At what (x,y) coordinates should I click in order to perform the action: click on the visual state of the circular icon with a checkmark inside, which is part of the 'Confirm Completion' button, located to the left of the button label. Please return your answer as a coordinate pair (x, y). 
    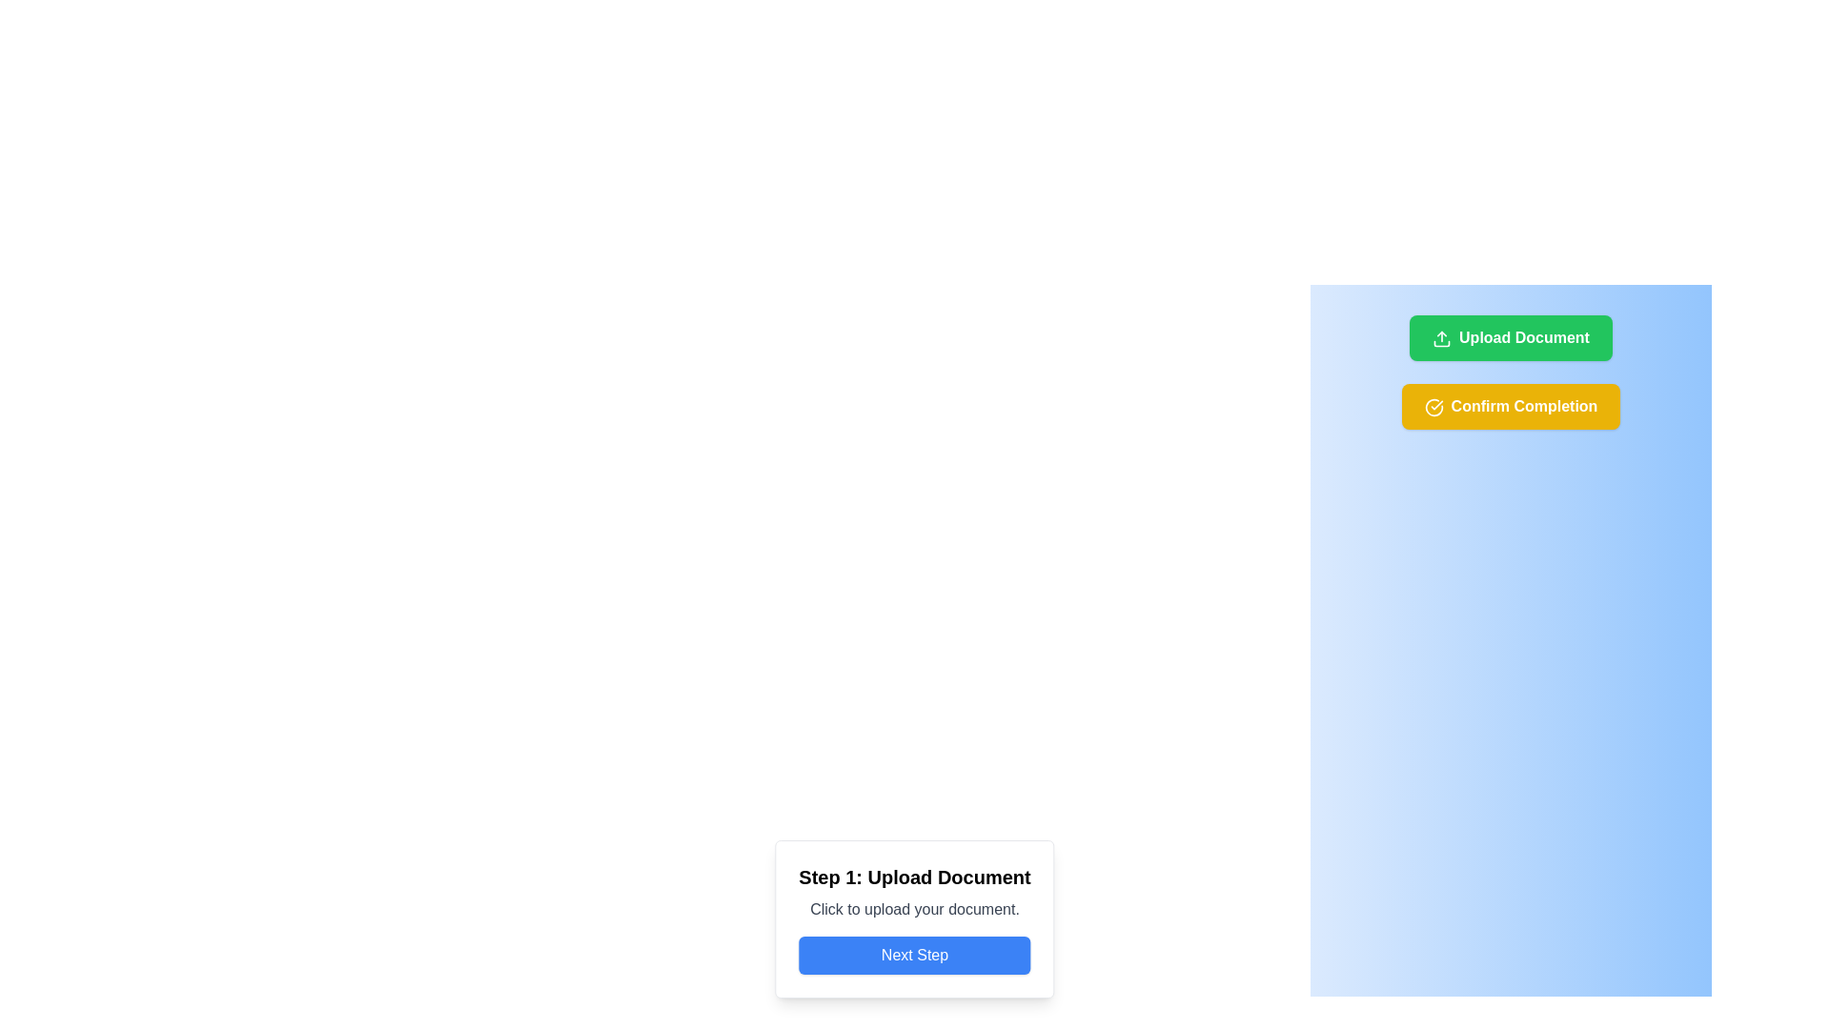
    Looking at the image, I should click on (1433, 406).